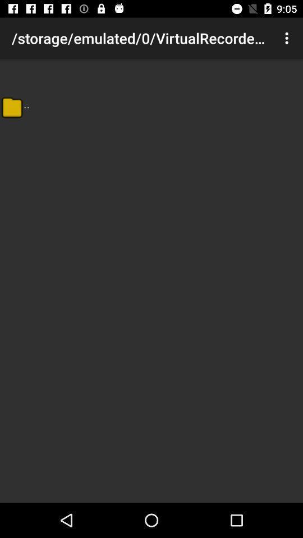  I want to click on the icon at the top right corner, so click(288, 38).